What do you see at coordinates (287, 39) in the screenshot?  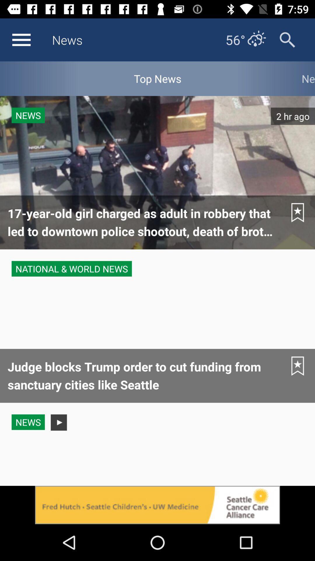 I see `search button` at bounding box center [287, 39].